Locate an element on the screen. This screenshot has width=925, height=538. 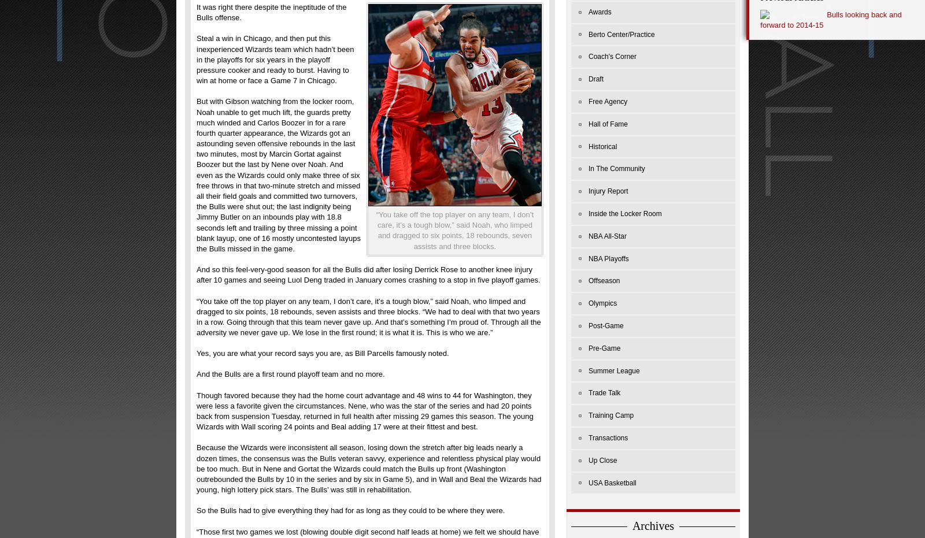
'Free Agency' is located at coordinates (608, 101).